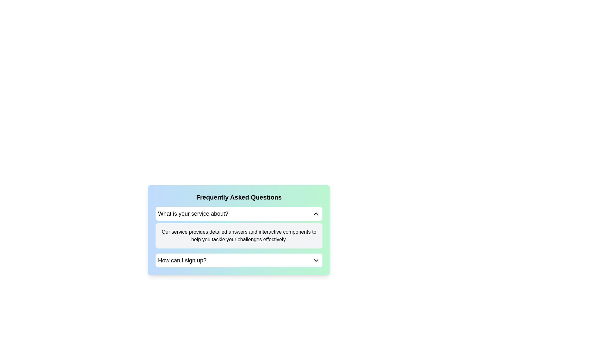 This screenshot has width=607, height=341. I want to click on the static text label in the FAQ section that serves as a question title, located at the lower section of the panel, with an adjacent downwards chevron icon, so click(182, 260).